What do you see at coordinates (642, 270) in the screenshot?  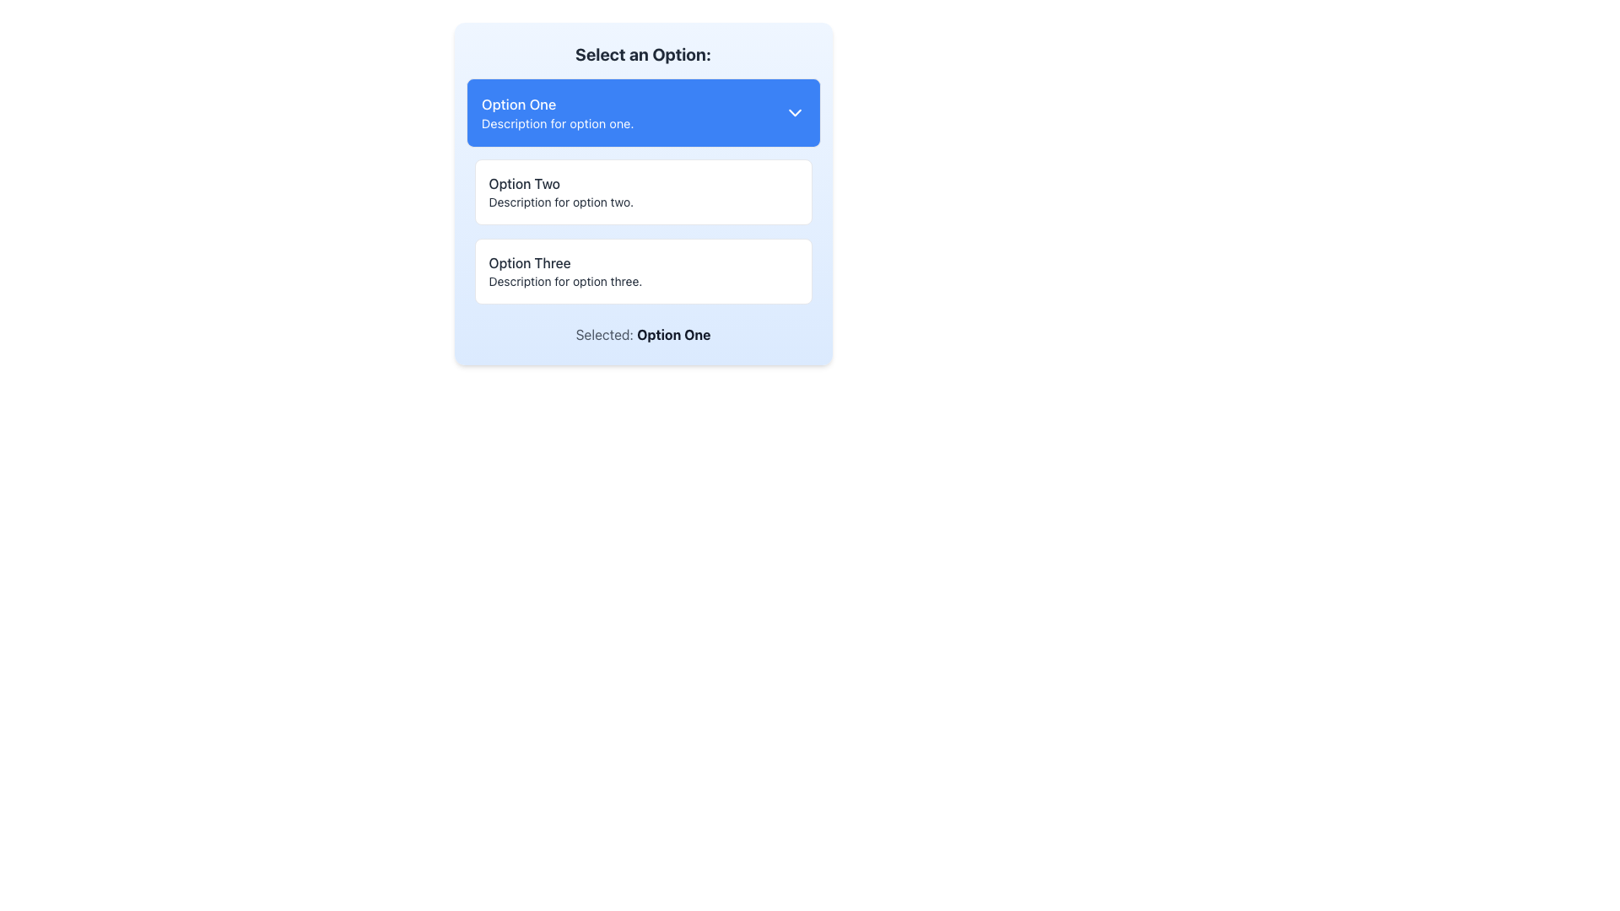 I see `the list item styled as 'Option Three' with the description 'Description for option three.'` at bounding box center [642, 270].